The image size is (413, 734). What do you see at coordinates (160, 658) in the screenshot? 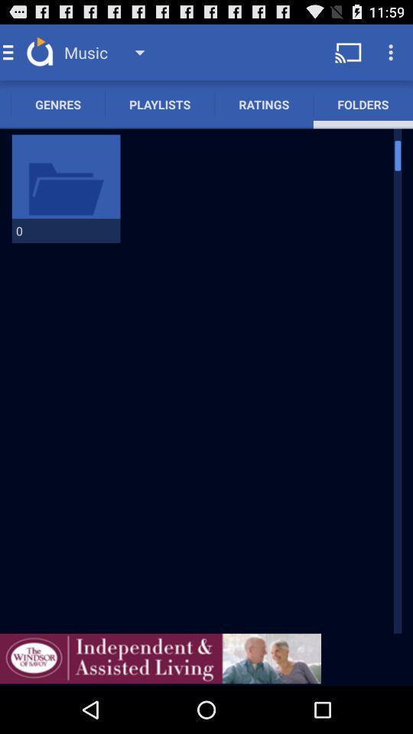
I see `open advertisement` at bounding box center [160, 658].